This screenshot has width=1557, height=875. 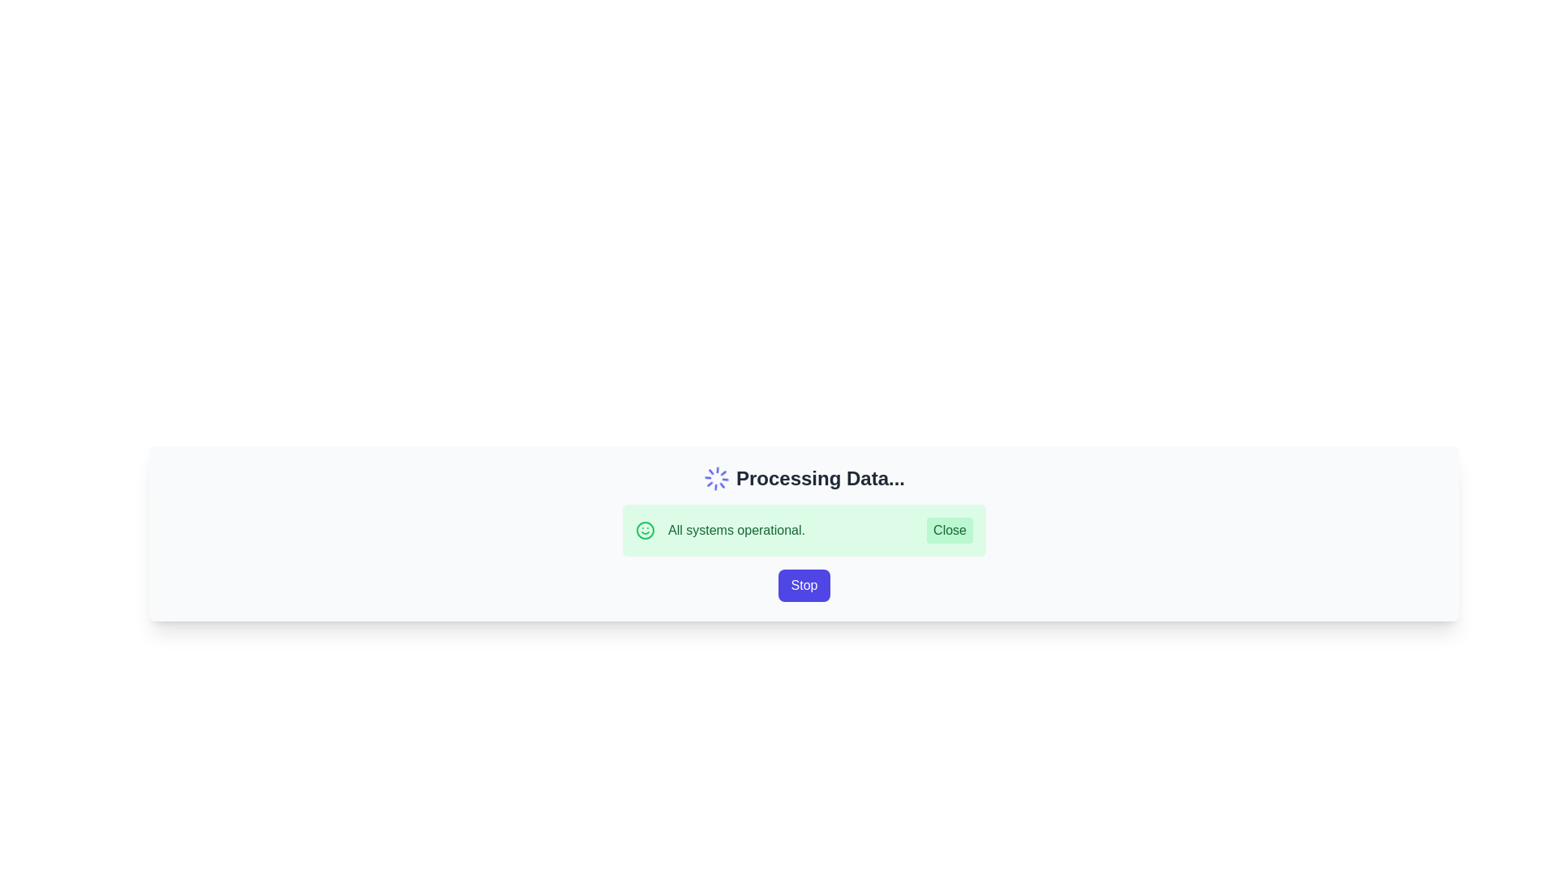 I want to click on the 'Close' button with a green background, labeled 'Close', to change its background color, so click(x=950, y=531).